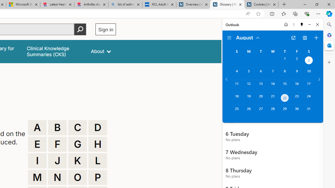 This screenshot has width=335, height=188. What do you see at coordinates (37, 127) in the screenshot?
I see `'A'` at bounding box center [37, 127].